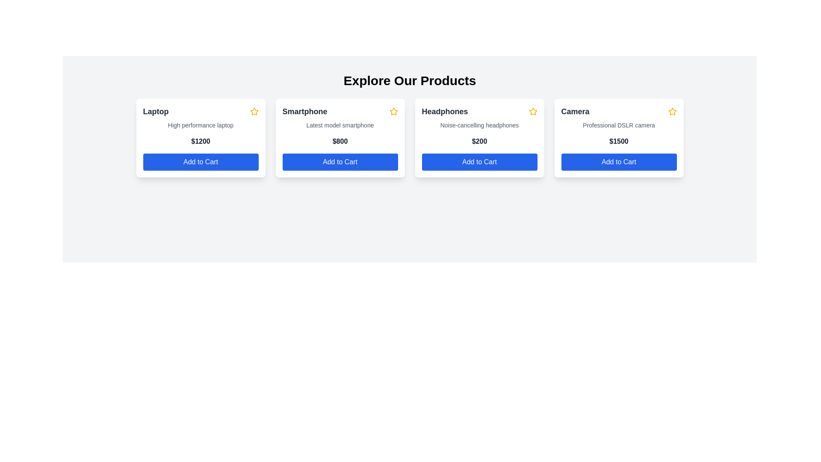 Image resolution: width=821 pixels, height=462 pixels. Describe the element at coordinates (200, 125) in the screenshot. I see `the descriptive text label for the laptop, which is located beneath the title 'Laptop' and above the price '$1200' on the first card in the horizontal product list` at that location.